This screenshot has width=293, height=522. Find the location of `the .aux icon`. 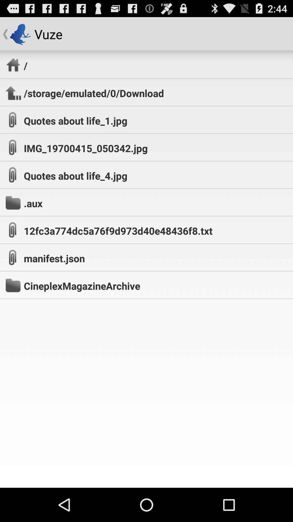

the .aux icon is located at coordinates (33, 203).